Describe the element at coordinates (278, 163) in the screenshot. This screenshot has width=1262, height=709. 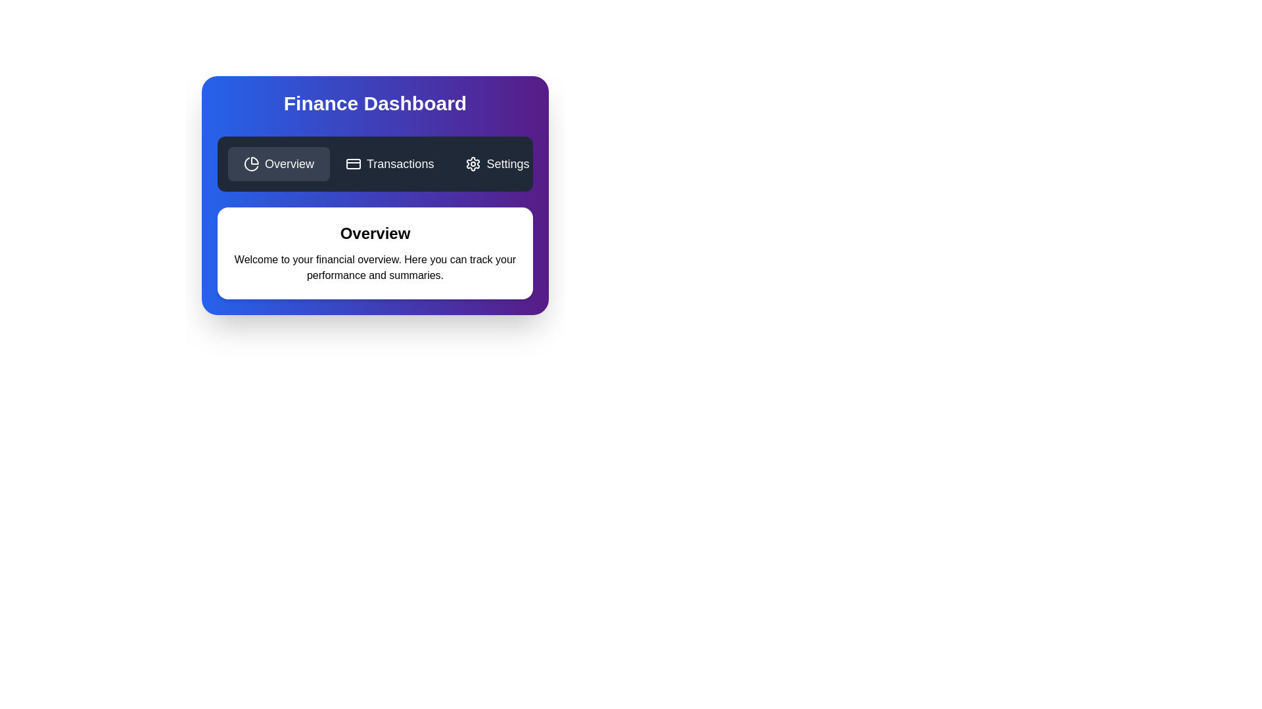
I see `the 'Overview' button, which is the first button in a horizontal group at the top of the dashboard section, featuring white text and a pie chart icon on a dark background` at that location.